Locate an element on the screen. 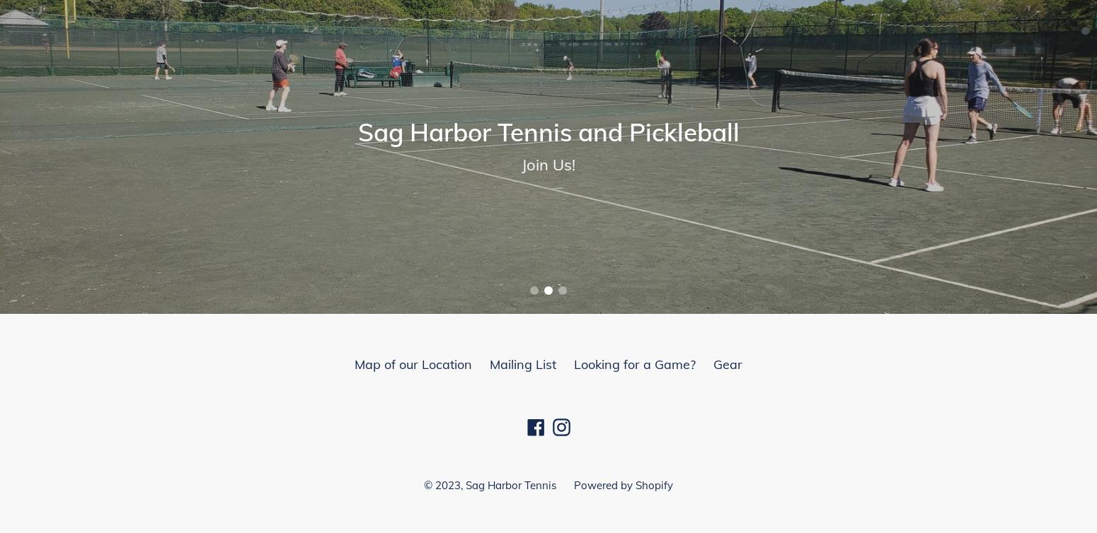  'Map of our Location' is located at coordinates (413, 364).